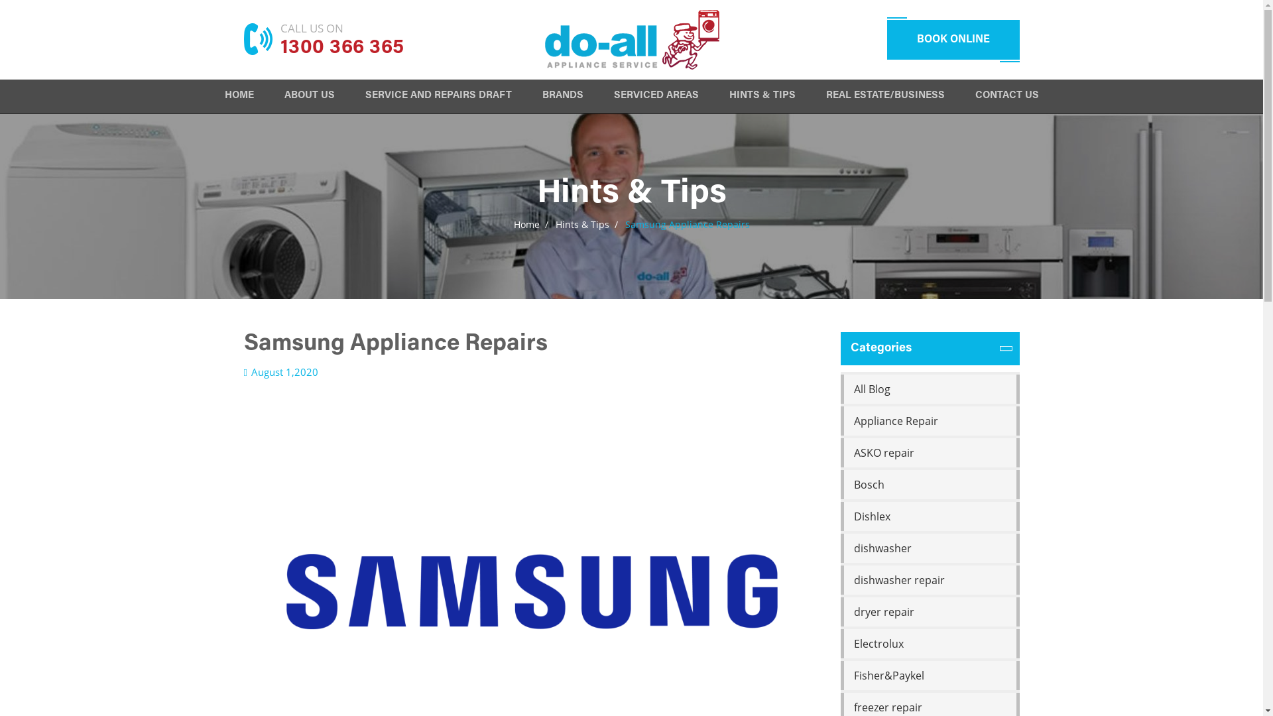 The width and height of the screenshot is (1273, 716). What do you see at coordinates (839, 611) in the screenshot?
I see `'dryer repair'` at bounding box center [839, 611].